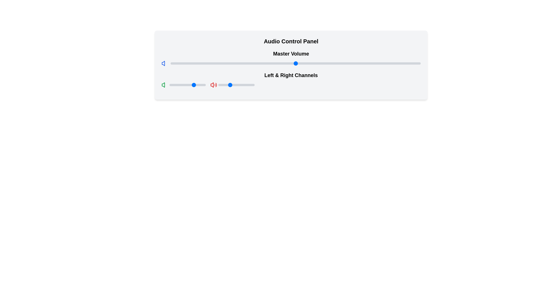 The height and width of the screenshot is (306, 545). What do you see at coordinates (253, 85) in the screenshot?
I see `the balance of left and right audio channels` at bounding box center [253, 85].